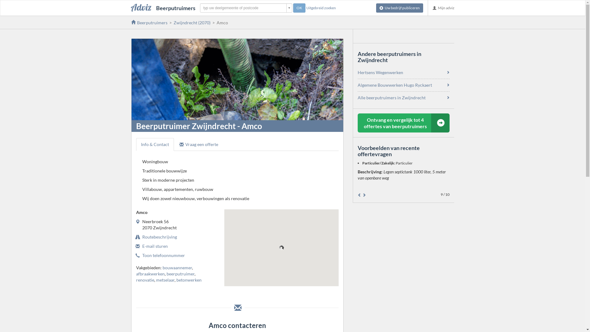 Image resolution: width=590 pixels, height=332 pixels. What do you see at coordinates (165, 280) in the screenshot?
I see `'metselaar'` at bounding box center [165, 280].